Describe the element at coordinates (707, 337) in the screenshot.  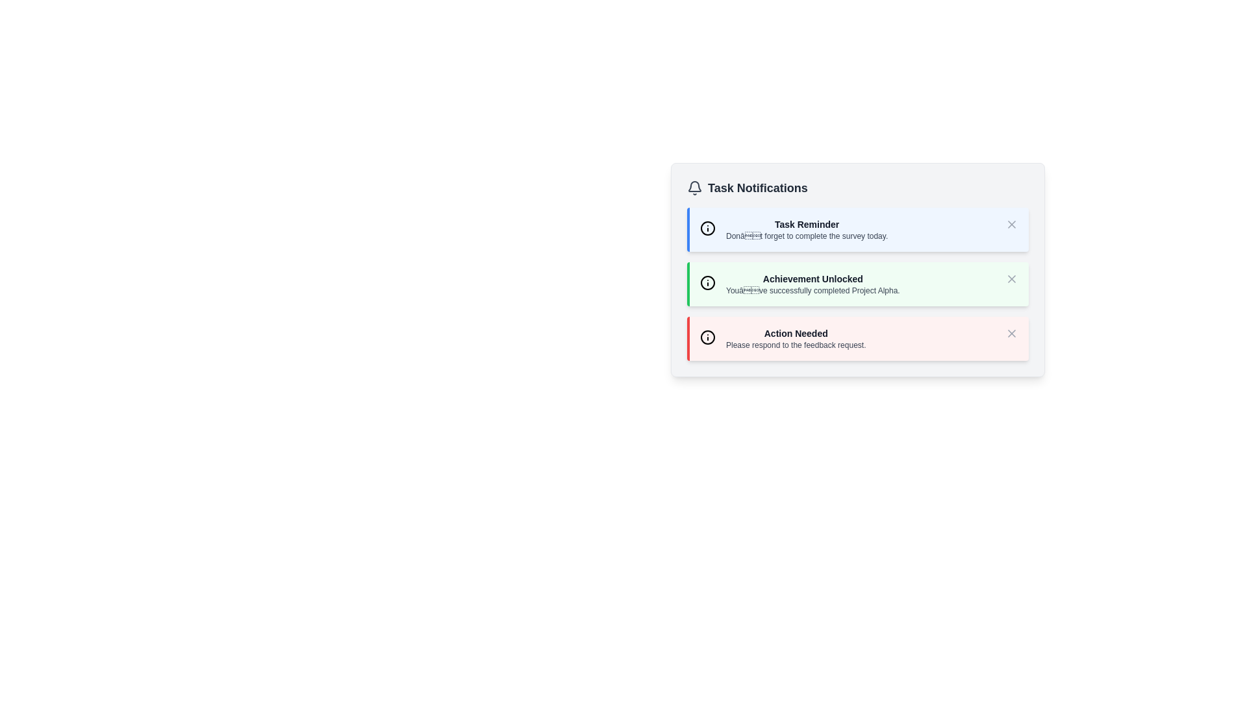
I see `the informational icon located in the 'Action Needed' notification box, positioned to the left of the text content` at that location.